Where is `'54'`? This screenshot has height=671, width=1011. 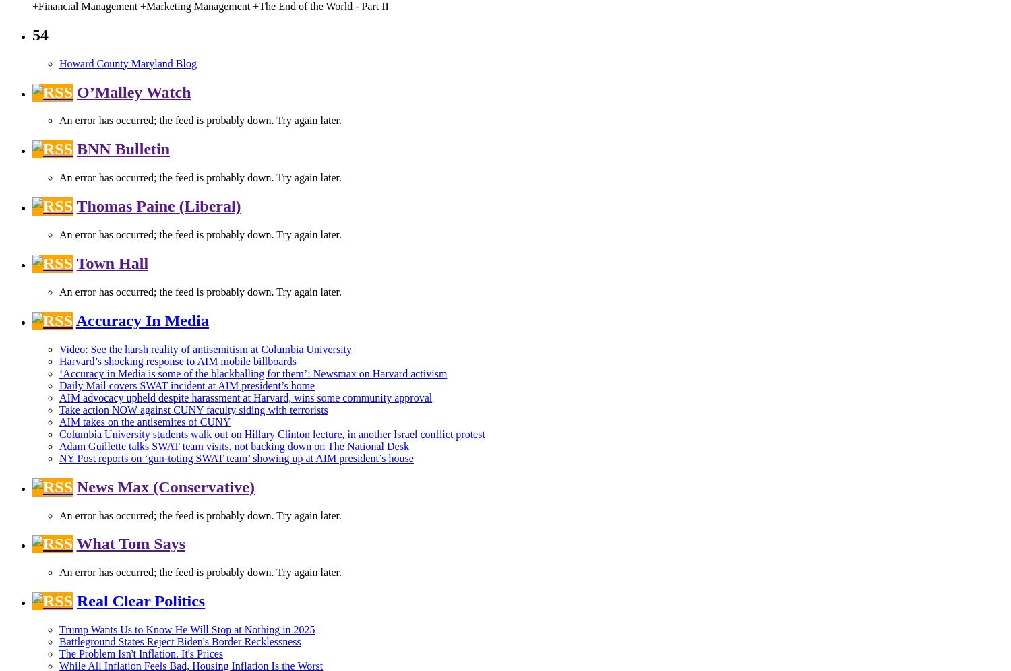
'54' is located at coordinates (32, 33).